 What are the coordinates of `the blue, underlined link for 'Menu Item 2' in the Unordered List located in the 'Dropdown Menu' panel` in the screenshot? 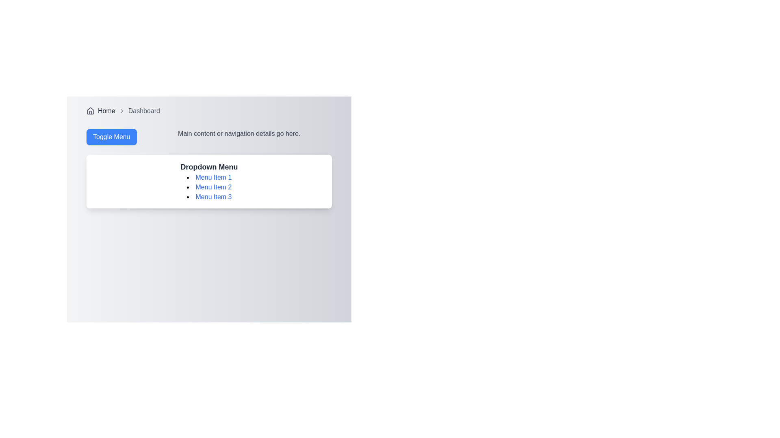 It's located at (209, 187).